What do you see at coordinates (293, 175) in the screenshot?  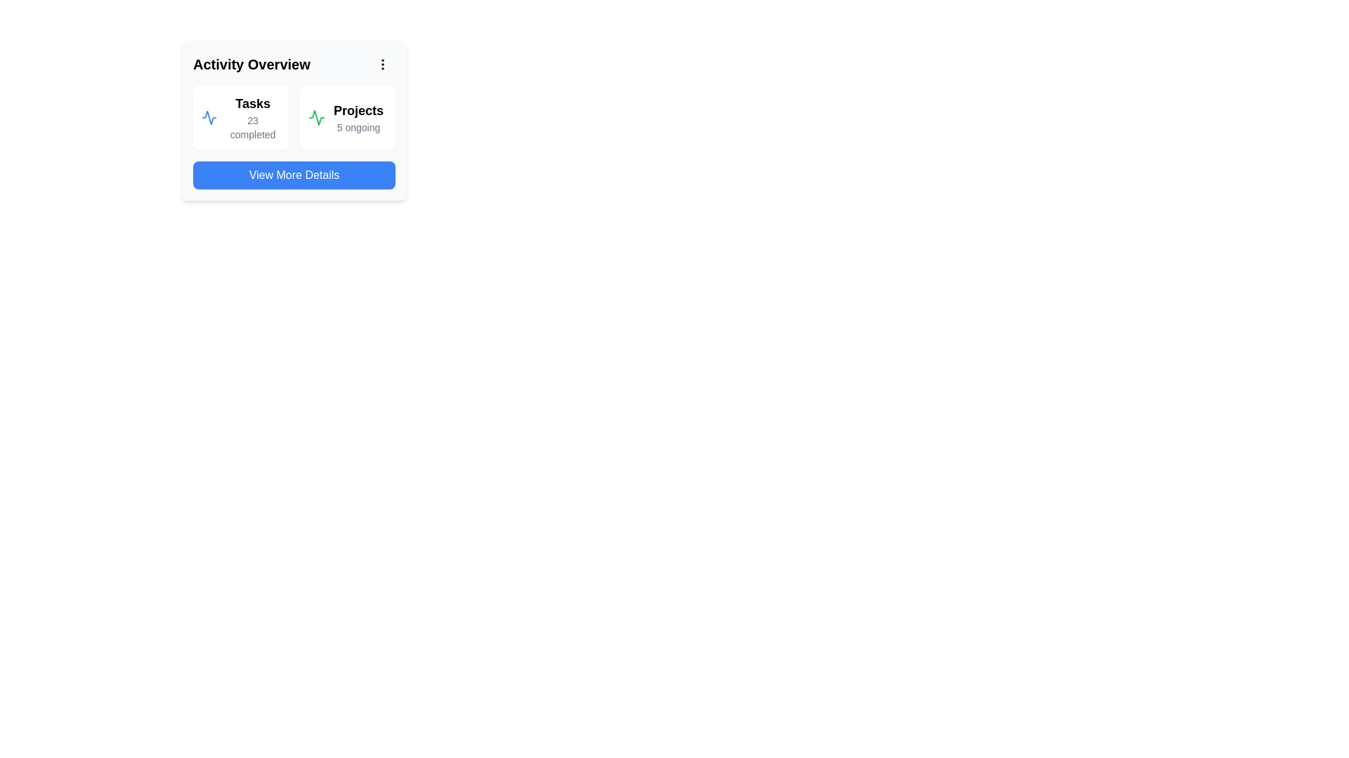 I see `the navigation button located at the bottom of the 'Activity Overview' card` at bounding box center [293, 175].